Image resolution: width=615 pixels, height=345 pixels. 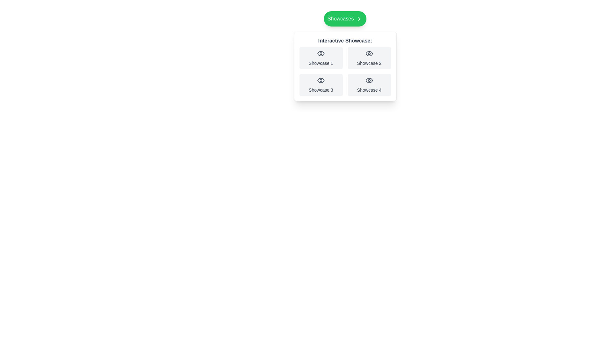 I want to click on the 'Showcase 3' button, which is a rectangular button with an eye icon and light gray background, located at the bottom-left corner of the grid layout, so click(x=321, y=85).